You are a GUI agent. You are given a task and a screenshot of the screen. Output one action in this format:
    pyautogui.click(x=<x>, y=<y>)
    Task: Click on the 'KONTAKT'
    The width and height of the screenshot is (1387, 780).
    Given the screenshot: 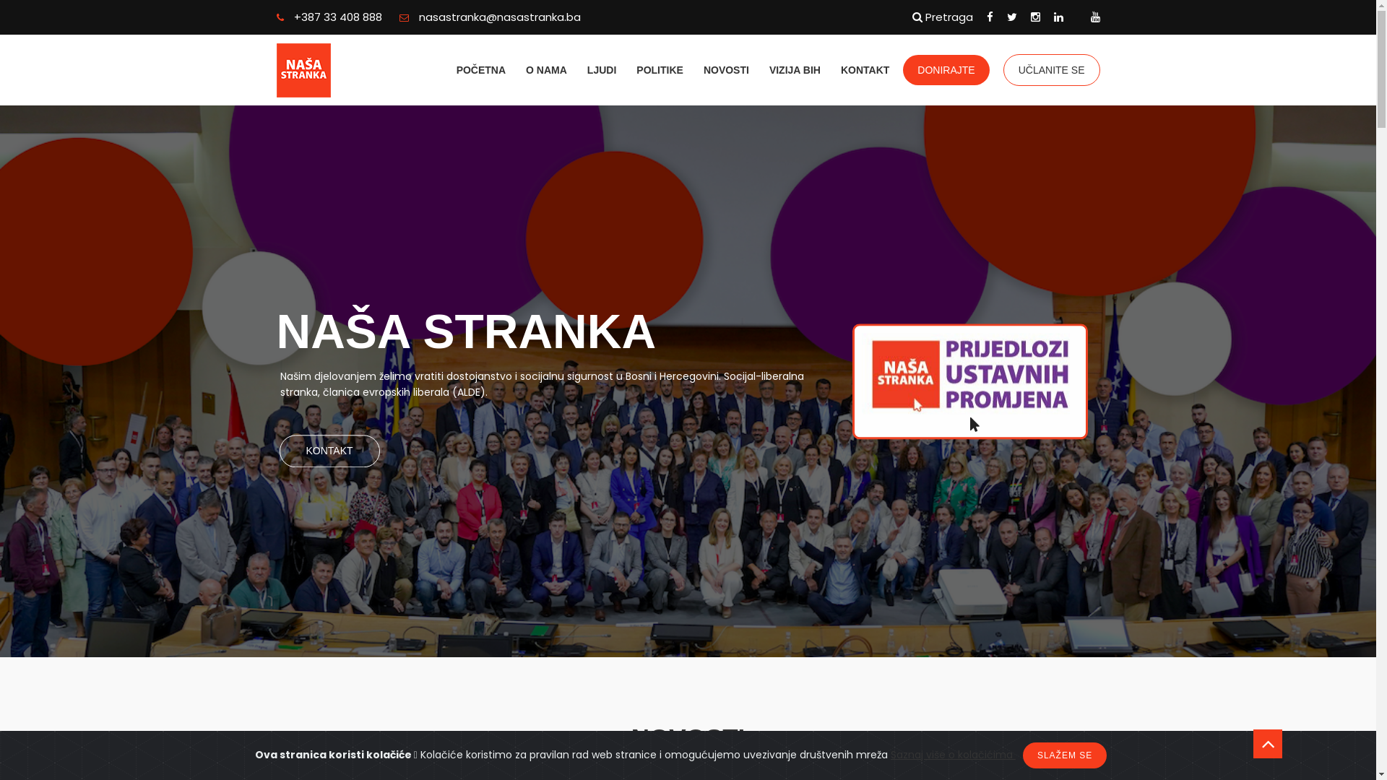 What is the action you would take?
    pyautogui.click(x=328, y=450)
    